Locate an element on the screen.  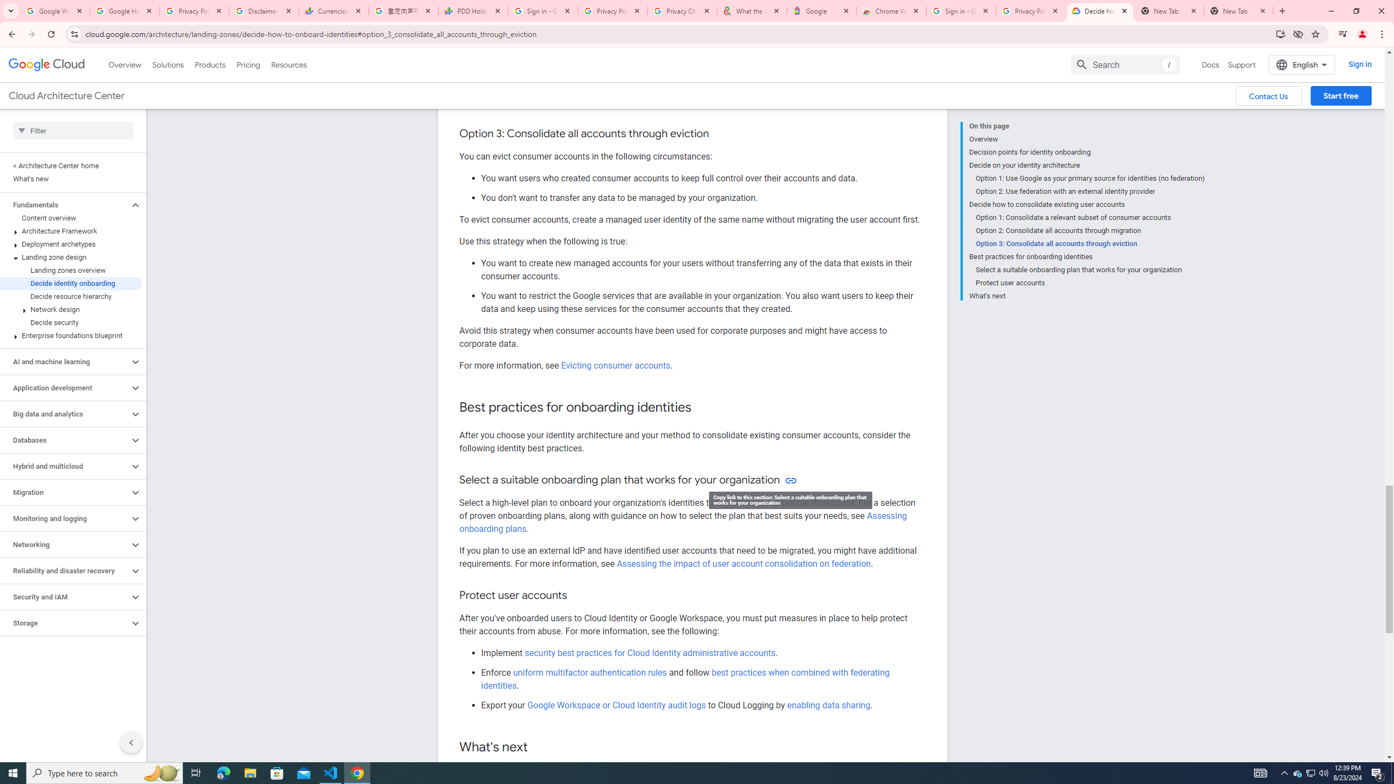
'Storage' is located at coordinates (64, 623).